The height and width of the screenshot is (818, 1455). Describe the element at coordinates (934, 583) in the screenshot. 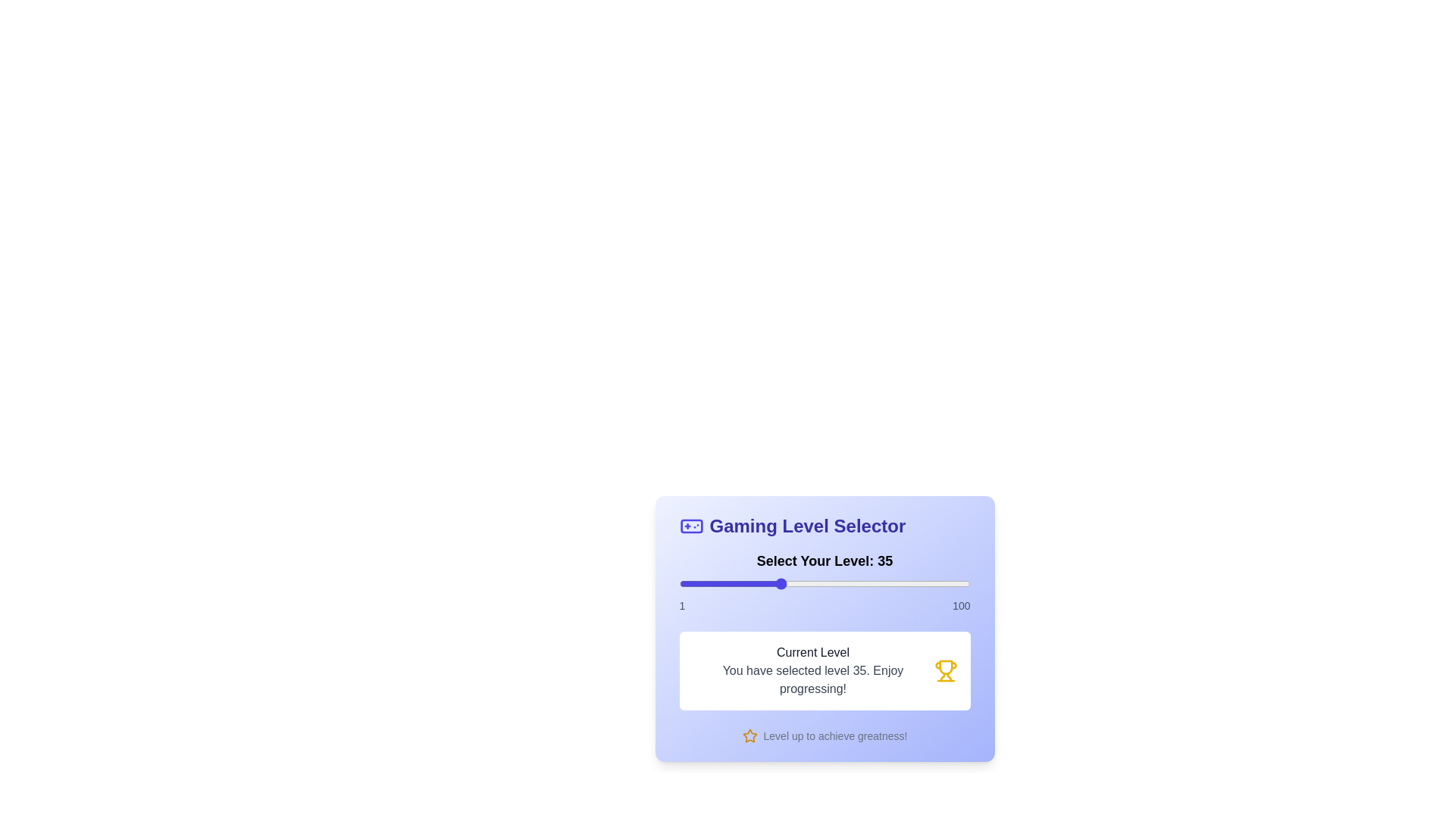

I see `the level` at that location.